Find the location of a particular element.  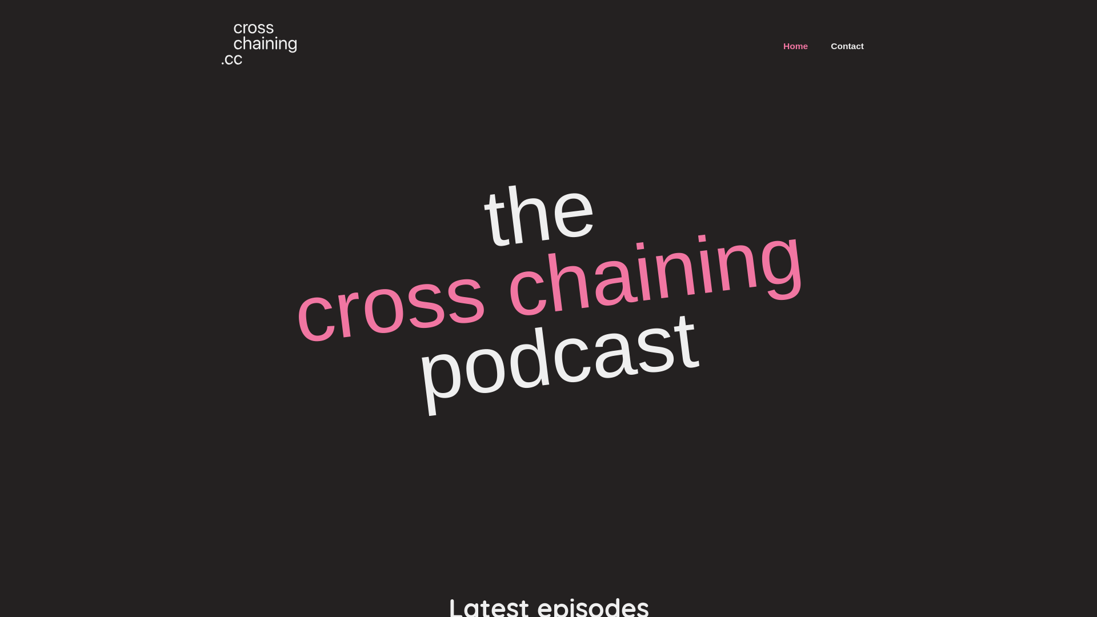

'Home' is located at coordinates (795, 46).